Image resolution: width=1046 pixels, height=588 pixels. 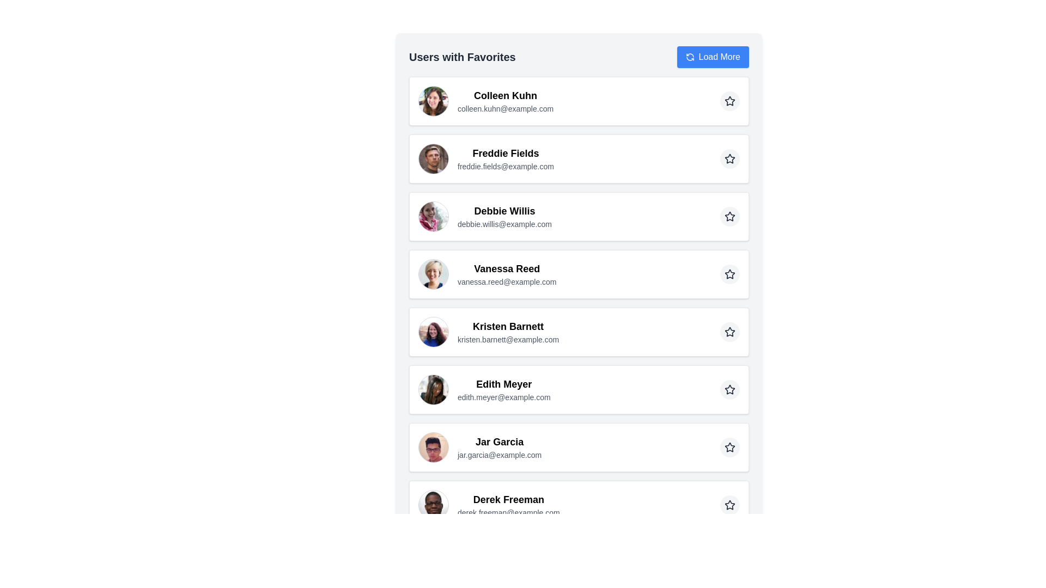 What do you see at coordinates (578, 216) in the screenshot?
I see `the profile name 'Debbie Willis' in the Profile block` at bounding box center [578, 216].